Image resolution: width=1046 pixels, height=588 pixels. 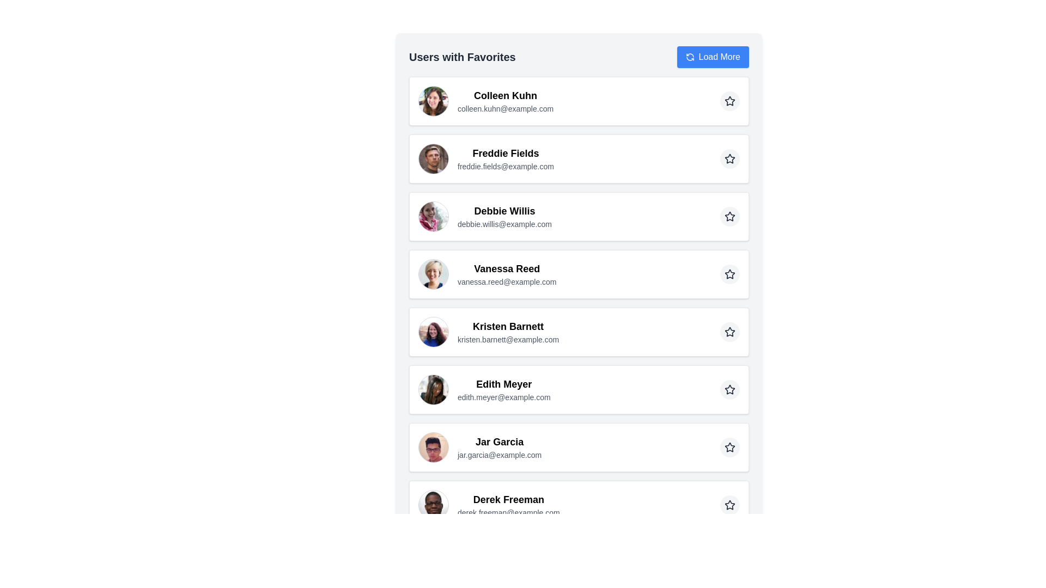 What do you see at coordinates (578, 216) in the screenshot?
I see `the profile name 'Debbie Willis' in the Profile block` at bounding box center [578, 216].